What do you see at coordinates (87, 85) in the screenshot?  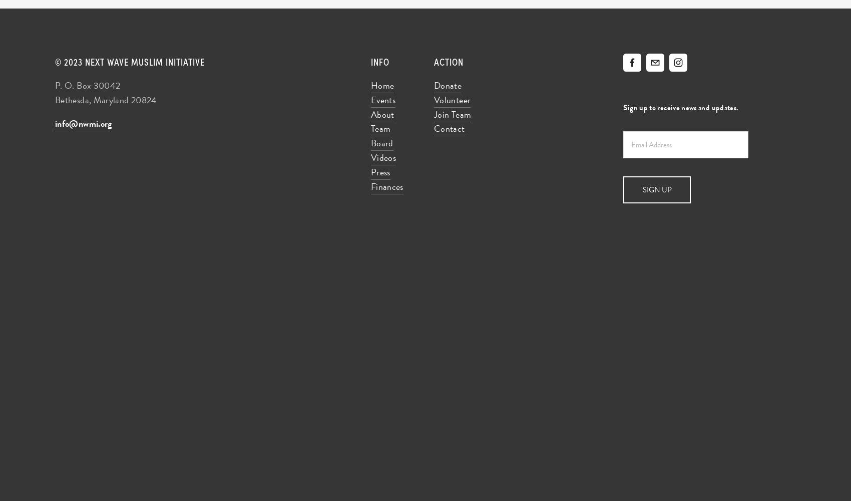 I see `'P. O. Box 30042'` at bounding box center [87, 85].